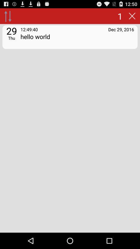  I want to click on item above 29, so click(8, 16).